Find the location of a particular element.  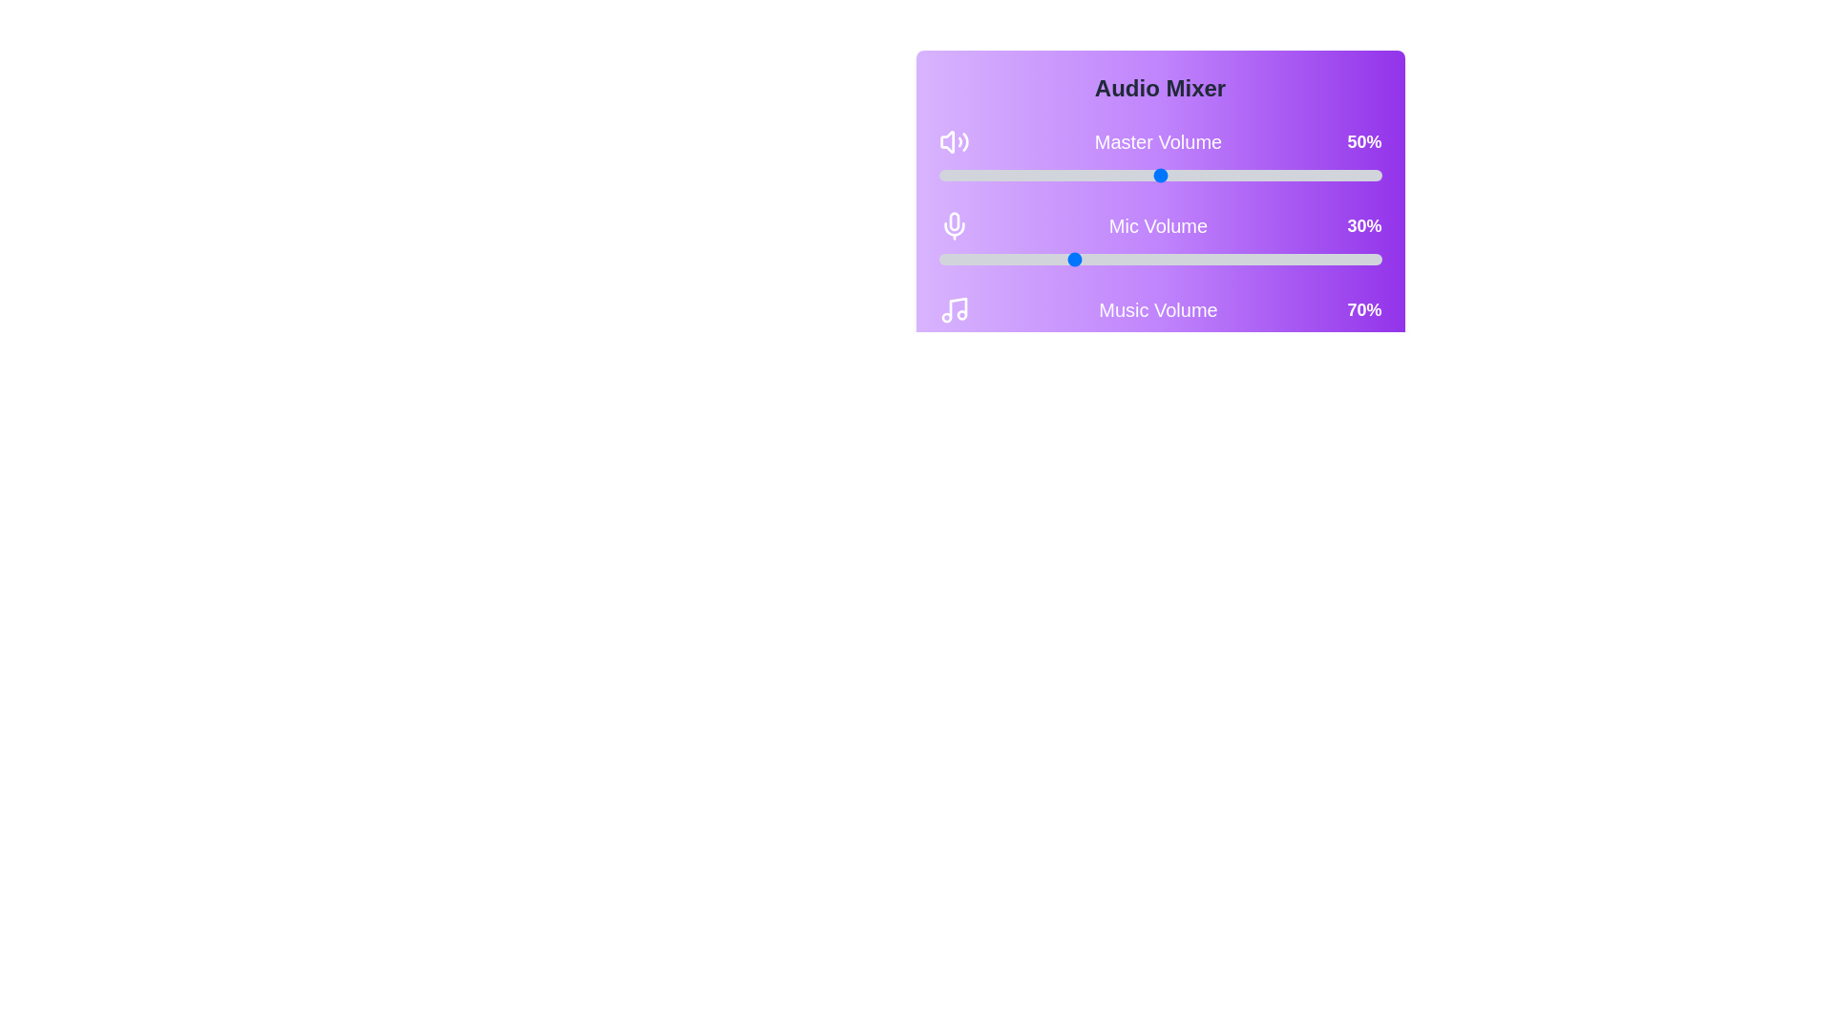

the microphone volume level is located at coordinates (1362, 260).